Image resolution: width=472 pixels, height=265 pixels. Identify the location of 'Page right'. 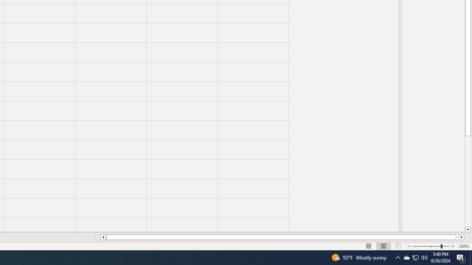
(457, 237).